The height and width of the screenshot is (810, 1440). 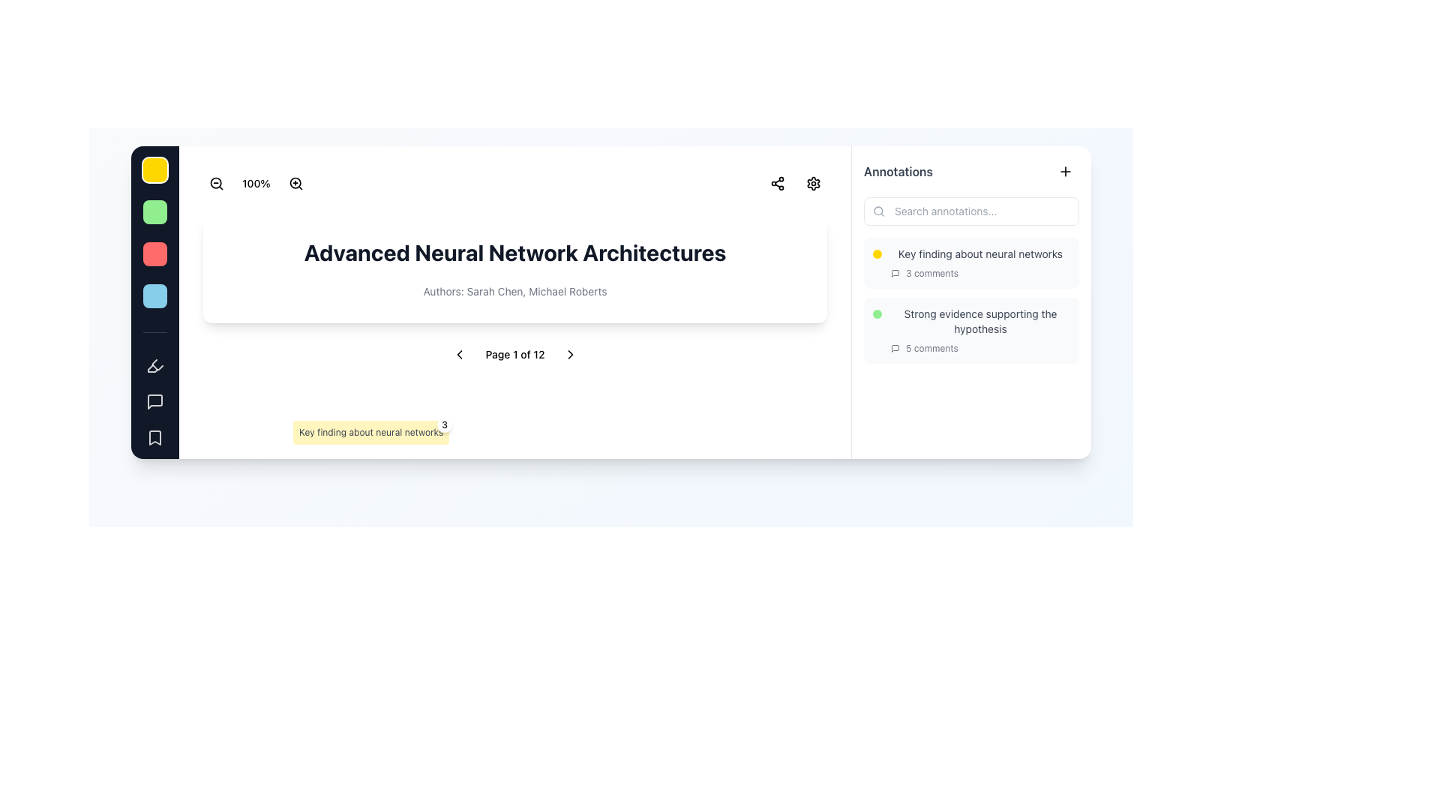 What do you see at coordinates (152, 368) in the screenshot?
I see `the brush or pen-like icon located in the left vertical navigation bar, which is the fifth icon from the top` at bounding box center [152, 368].